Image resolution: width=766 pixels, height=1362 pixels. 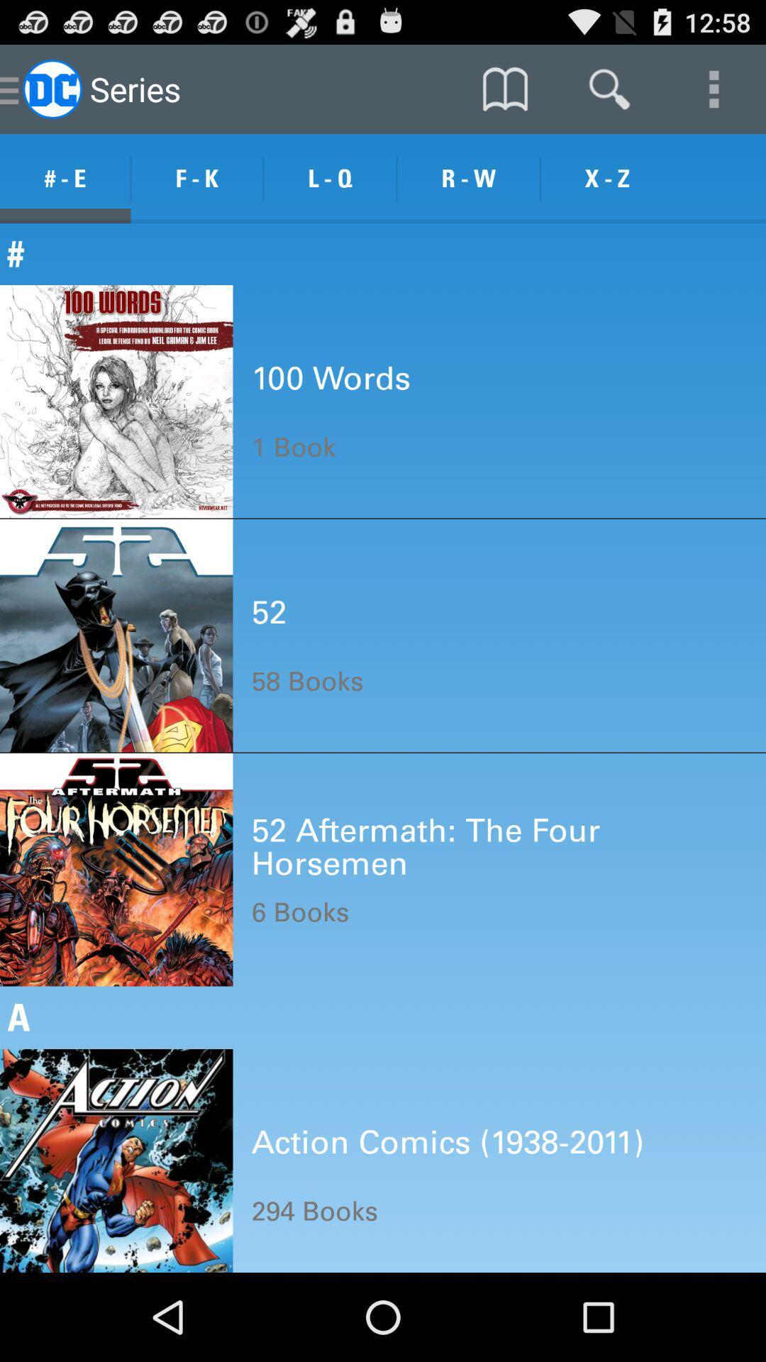 I want to click on item next to the l - q, so click(x=196, y=178).